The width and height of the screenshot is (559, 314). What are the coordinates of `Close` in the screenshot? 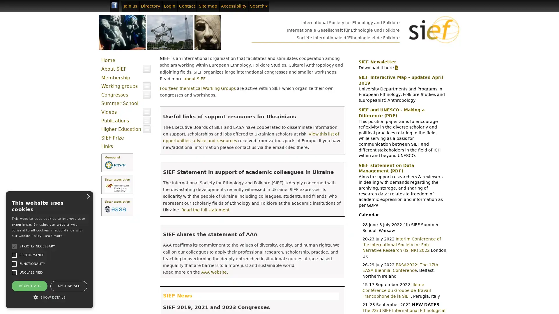 It's located at (88, 196).